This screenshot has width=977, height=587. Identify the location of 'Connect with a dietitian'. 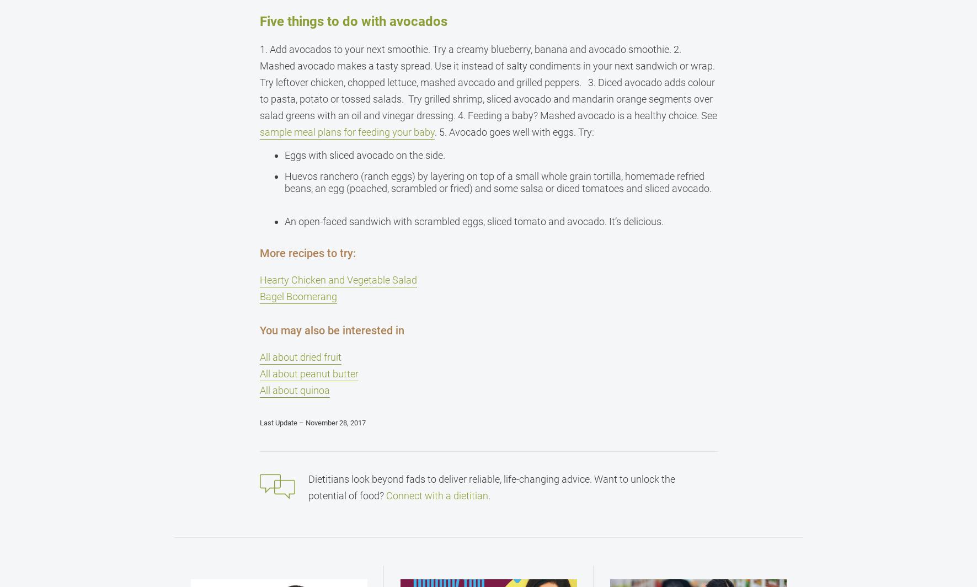
(386, 495).